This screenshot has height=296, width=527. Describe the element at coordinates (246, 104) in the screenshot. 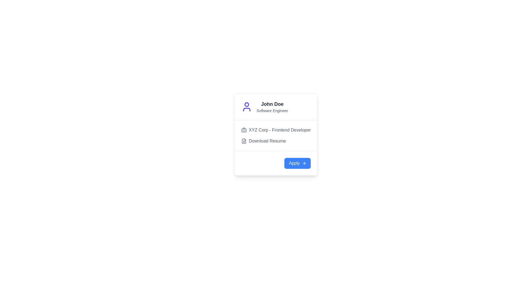

I see `the SVG Circle Element that represents the user's avatar icon in the user information card` at that location.